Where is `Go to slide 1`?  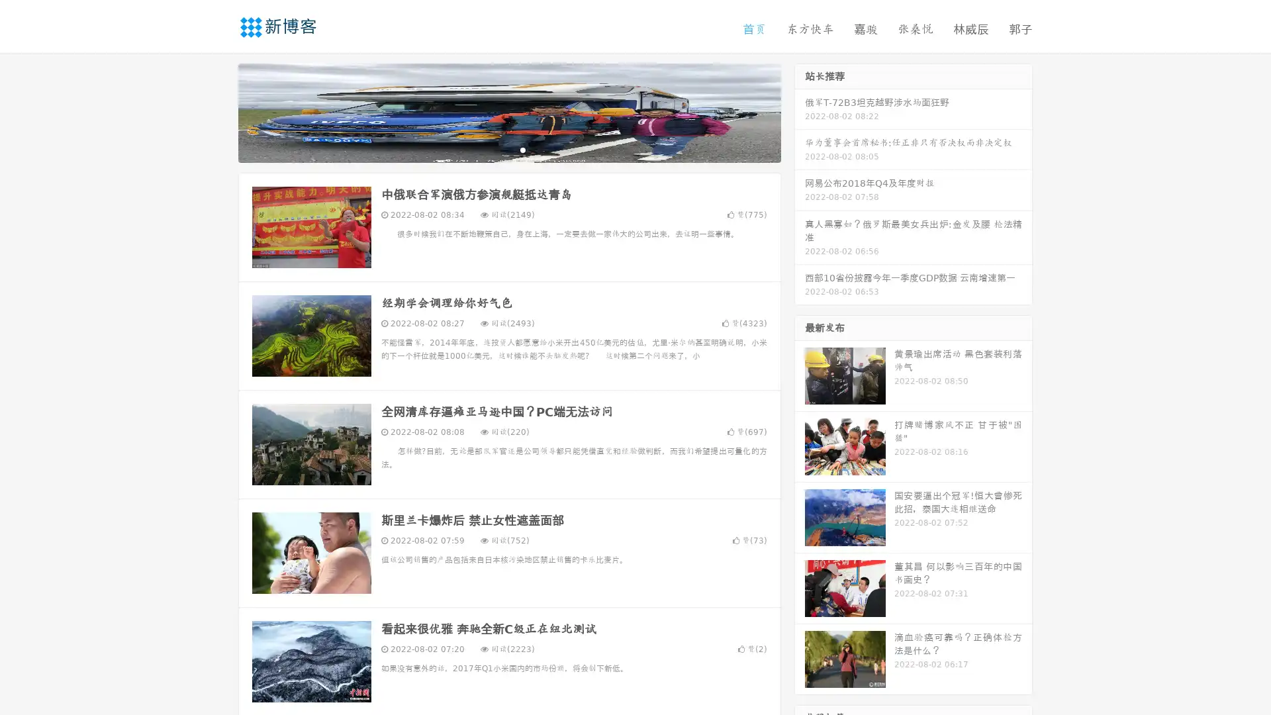 Go to slide 1 is located at coordinates (495, 149).